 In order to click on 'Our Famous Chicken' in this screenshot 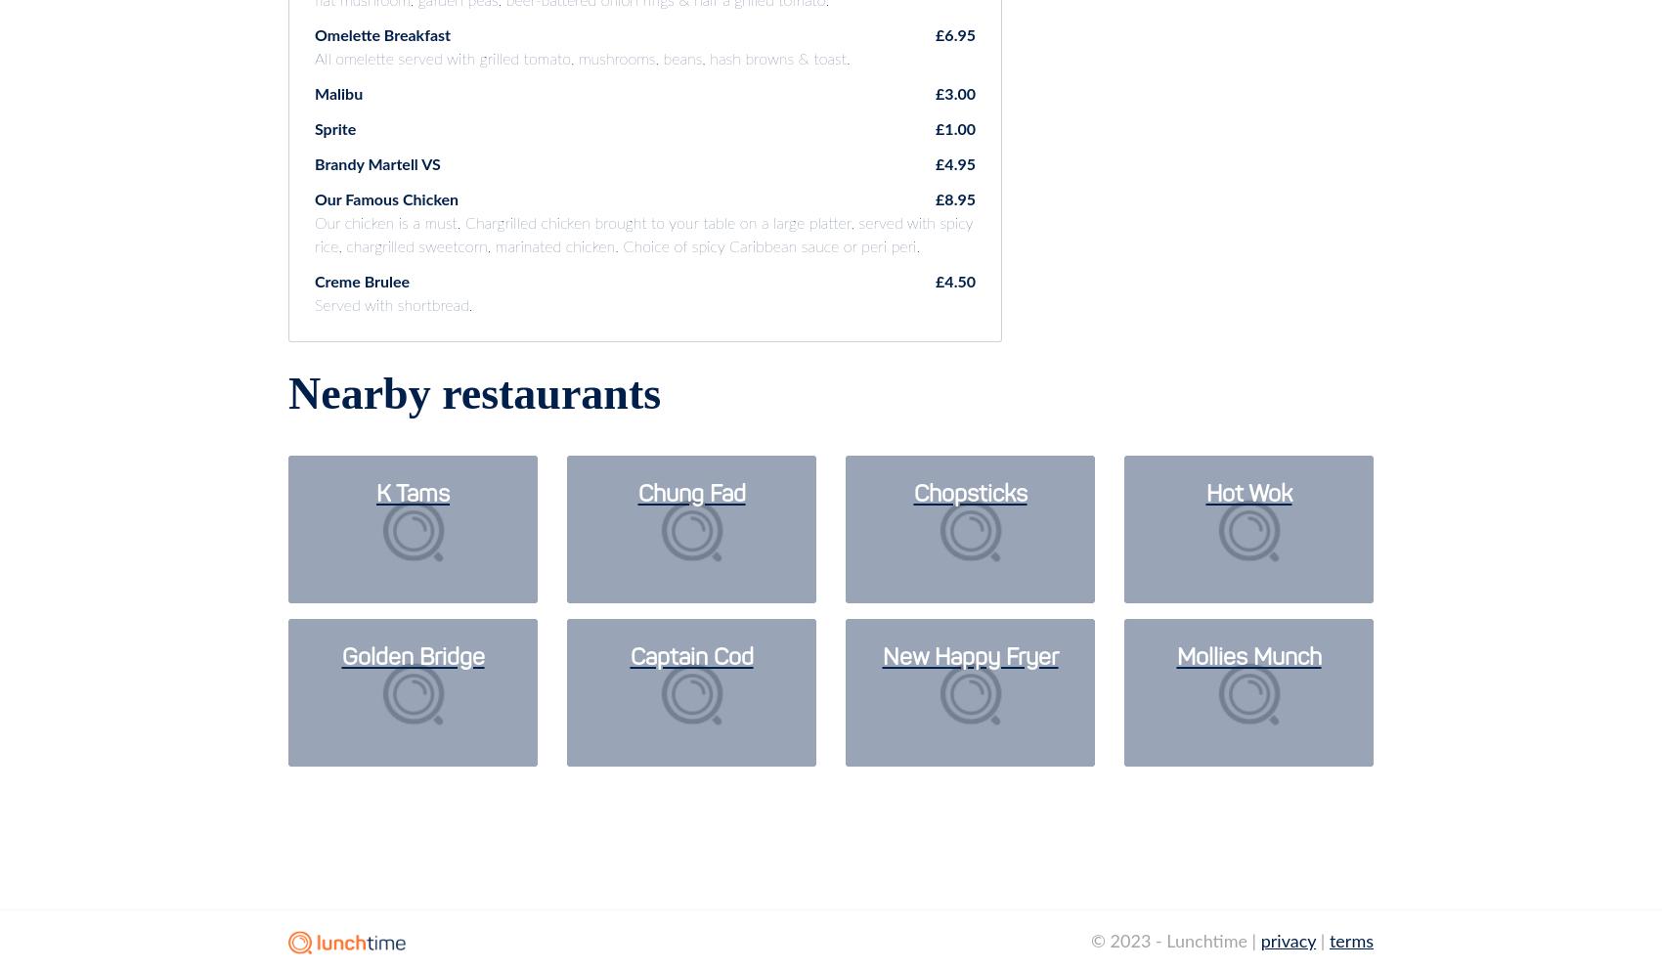, I will do `click(385, 198)`.